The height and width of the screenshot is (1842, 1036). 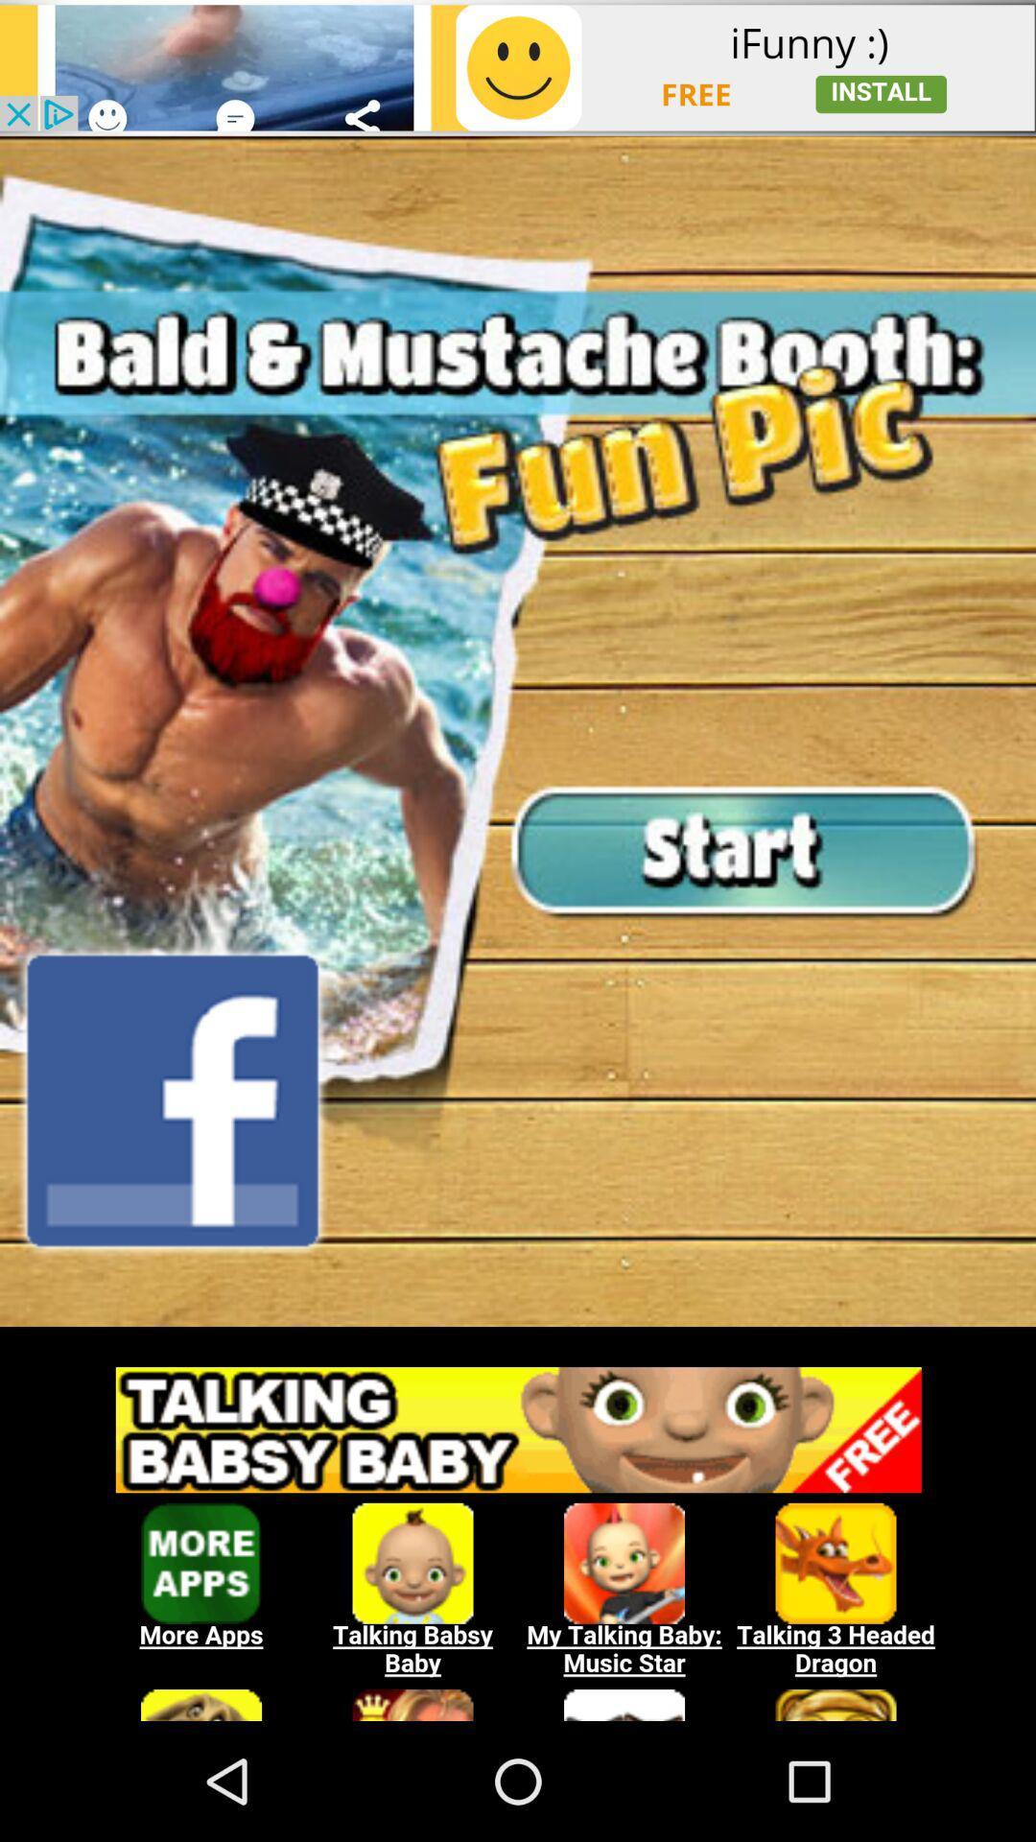 What do you see at coordinates (518, 1335) in the screenshot?
I see `adverdisement page` at bounding box center [518, 1335].